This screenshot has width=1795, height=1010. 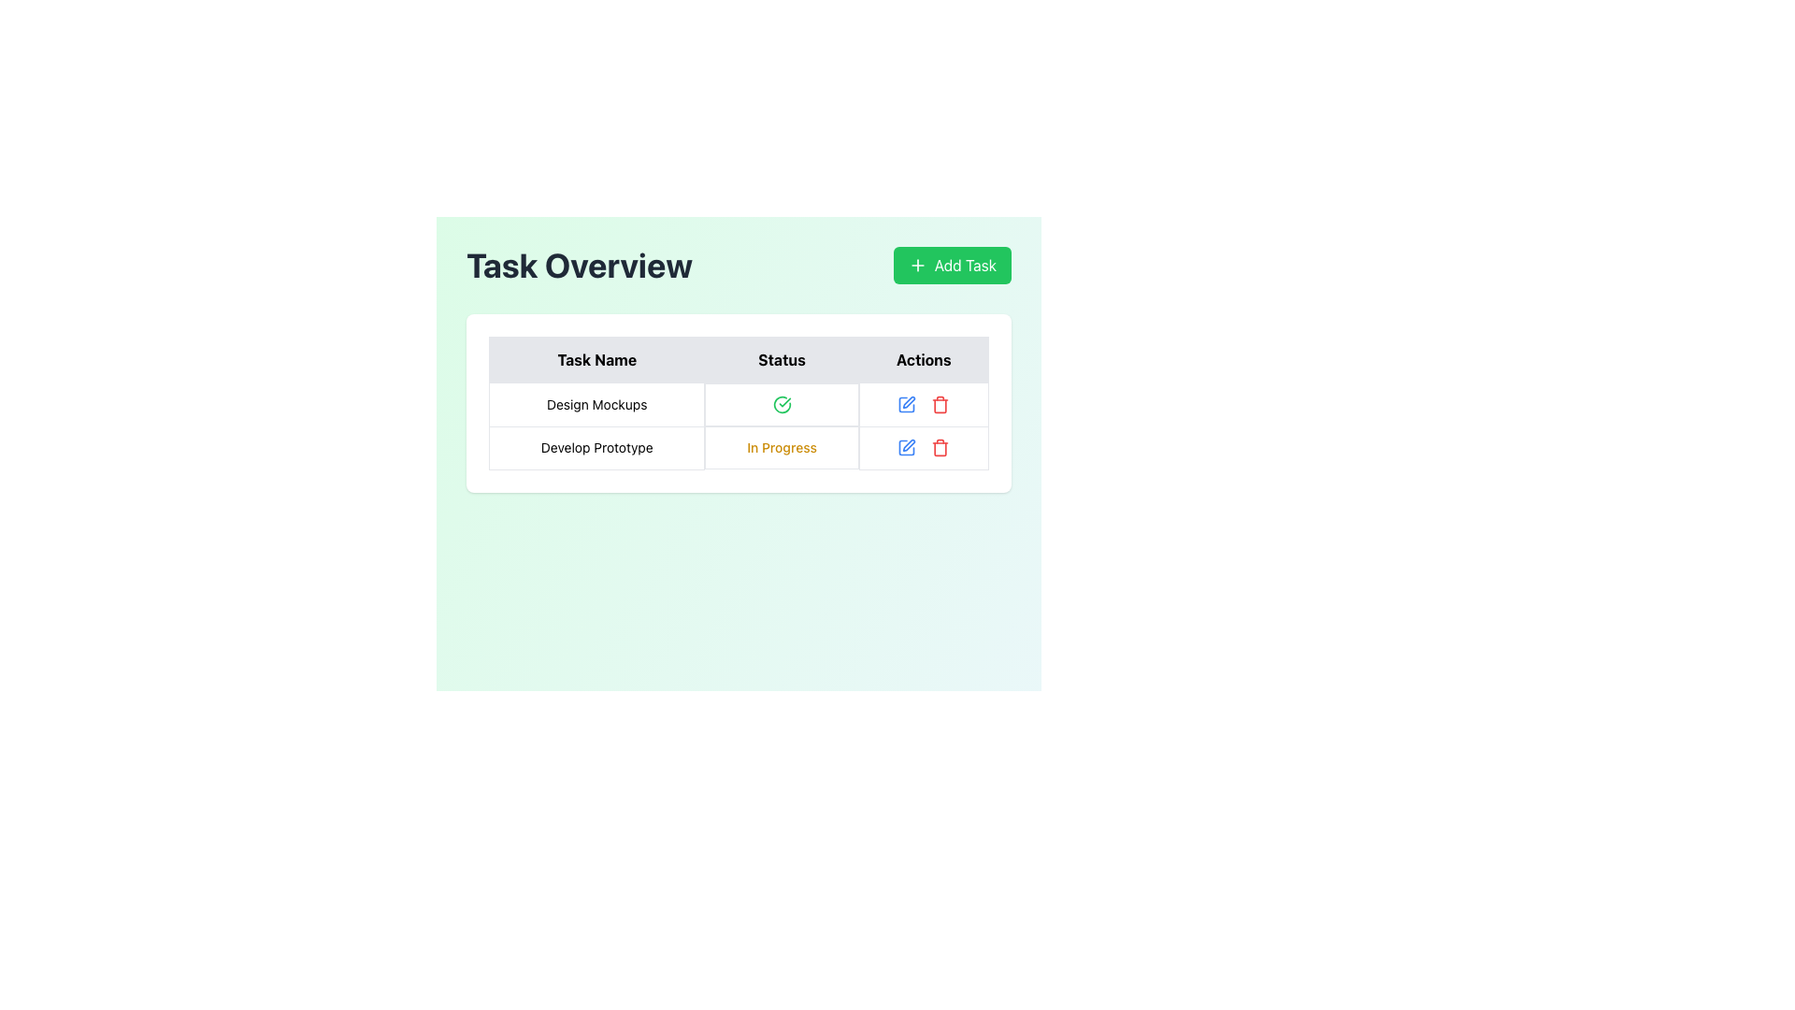 I want to click on the 'Develop Prototype' task name label located in the second row of the table under the 'Task Name' column, so click(x=596, y=447).